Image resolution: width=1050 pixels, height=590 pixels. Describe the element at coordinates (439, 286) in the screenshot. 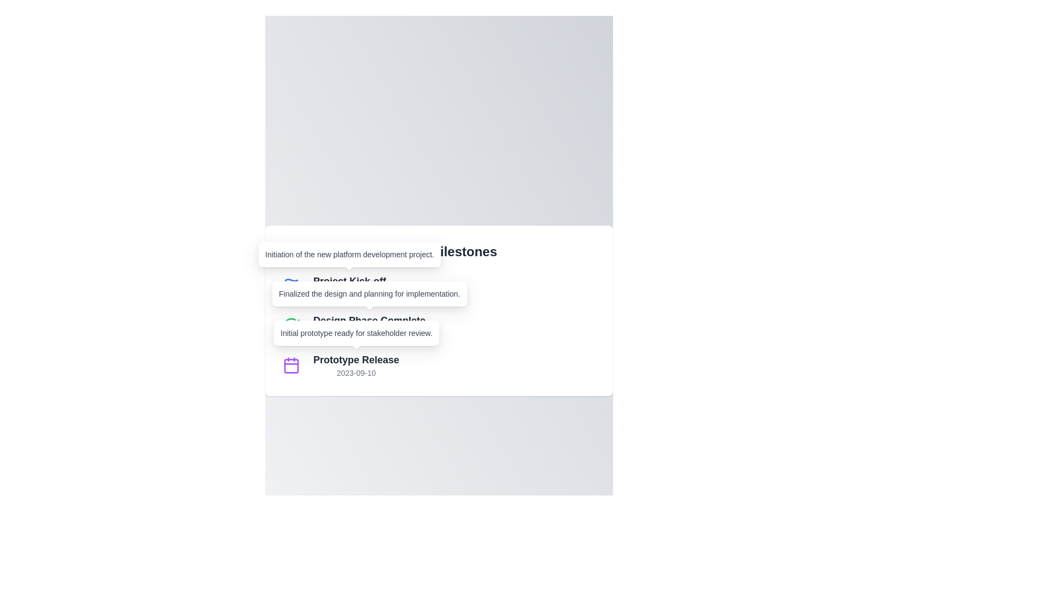

I see `the first milestone item in the project timeline` at that location.